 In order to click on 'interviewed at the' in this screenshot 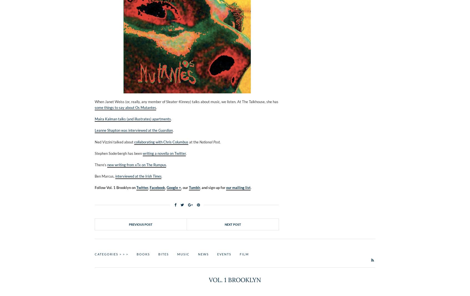, I will do `click(130, 176)`.